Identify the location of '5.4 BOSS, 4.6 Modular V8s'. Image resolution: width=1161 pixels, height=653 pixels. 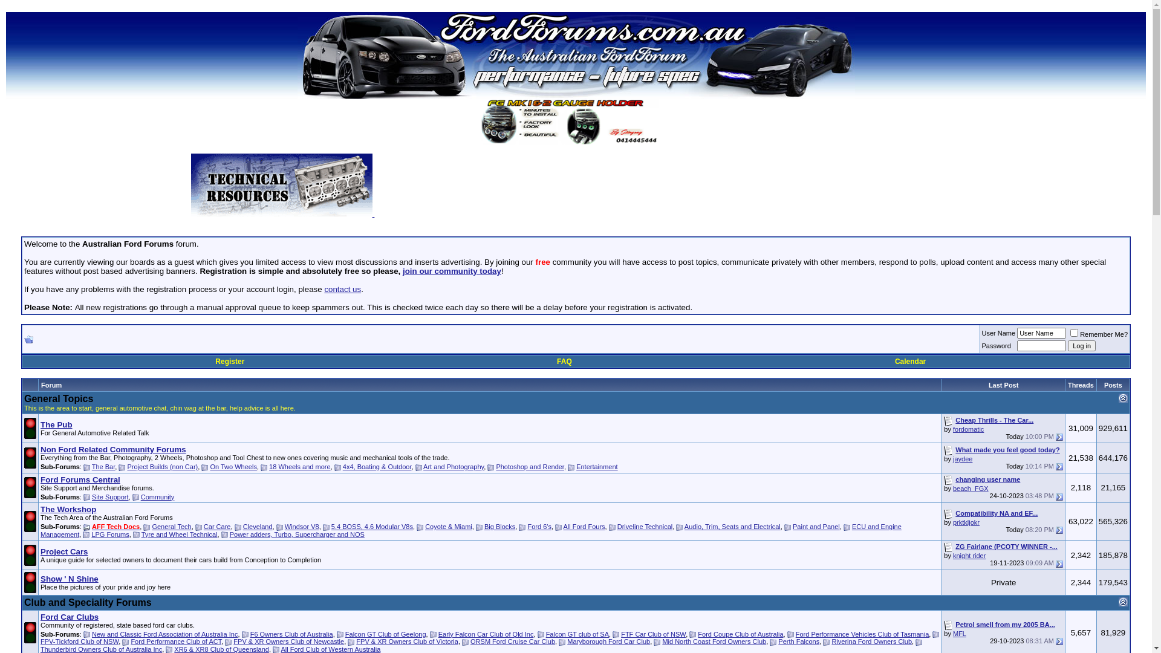
(371, 526).